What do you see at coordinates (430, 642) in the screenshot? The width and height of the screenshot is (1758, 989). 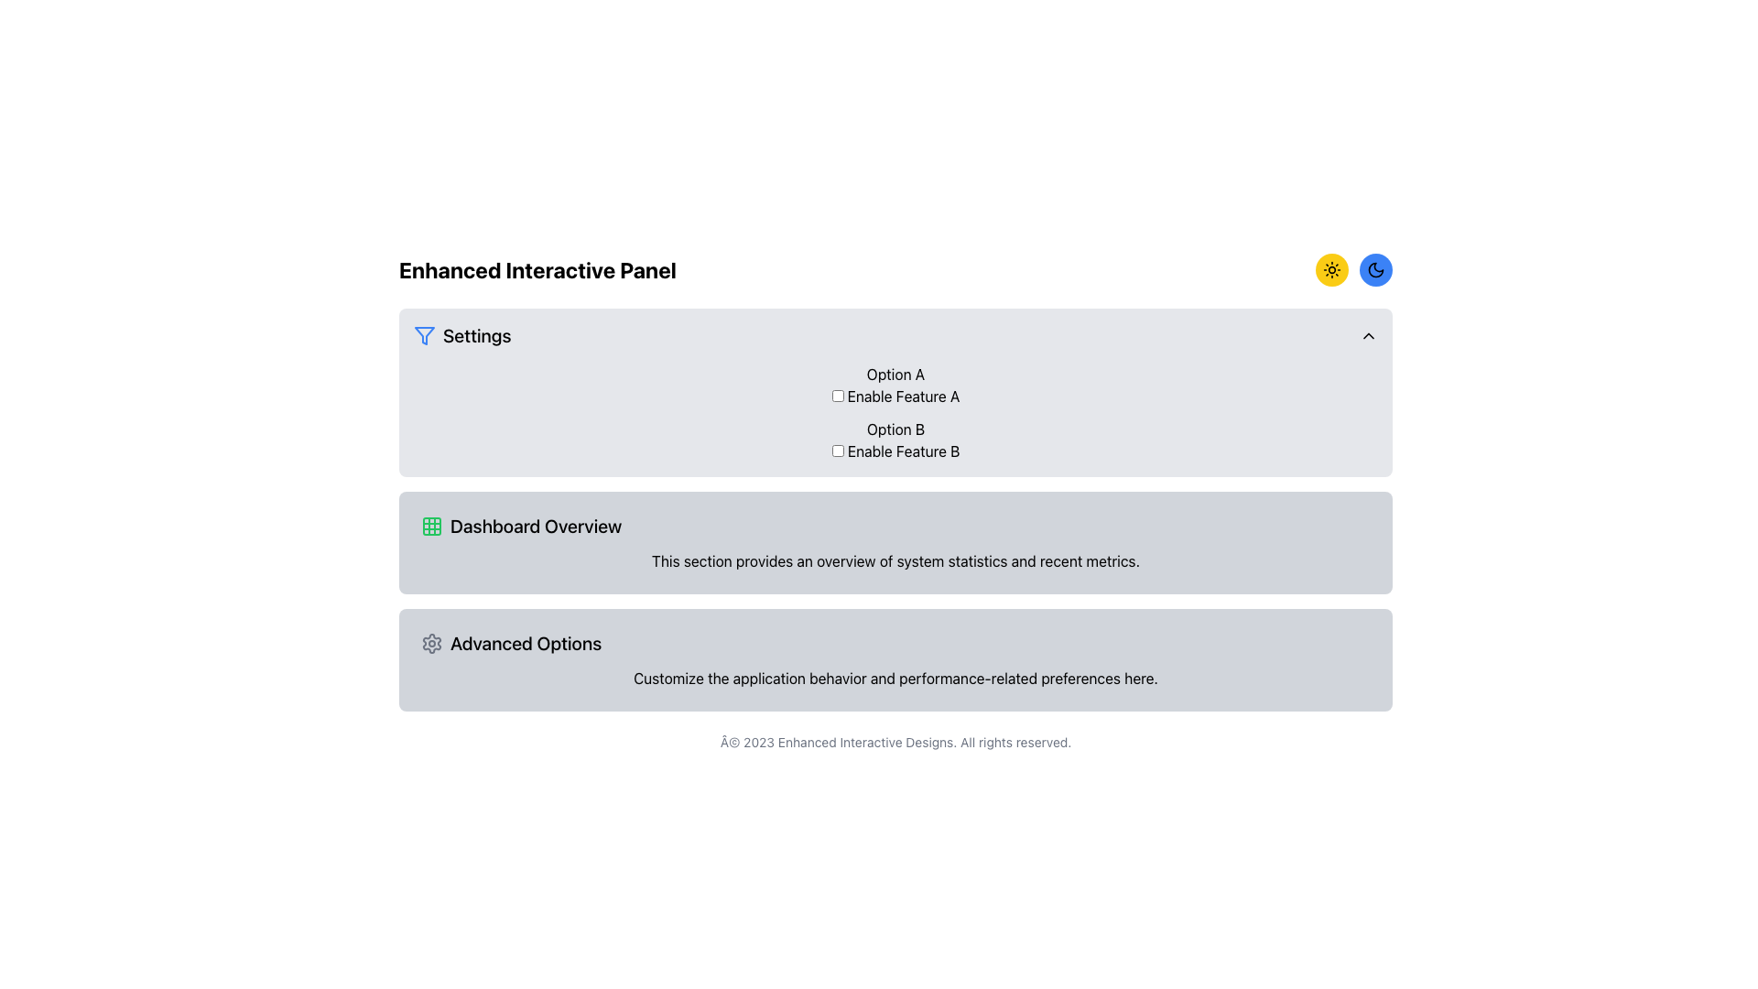 I see `the settings icon located in the top-right corner of the interface, which serves as a visual indicator for adjustments or preferences` at bounding box center [430, 642].